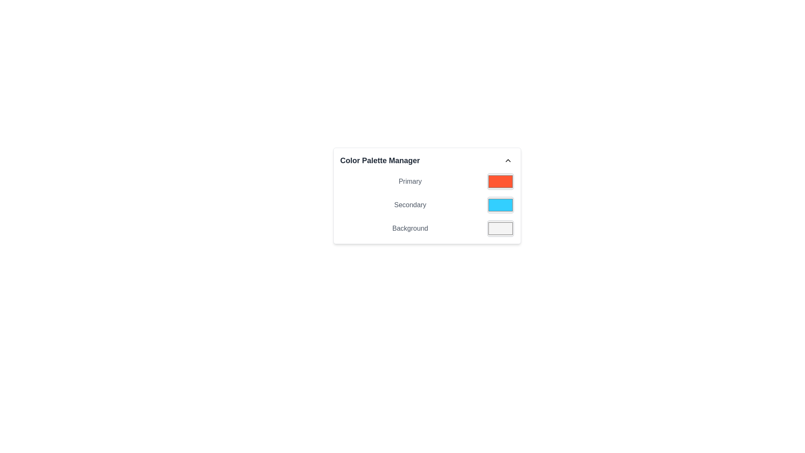  Describe the element at coordinates (507, 160) in the screenshot. I see `the upward-facing chevron icon located in the top-right corner of the color palette manager box` at that location.